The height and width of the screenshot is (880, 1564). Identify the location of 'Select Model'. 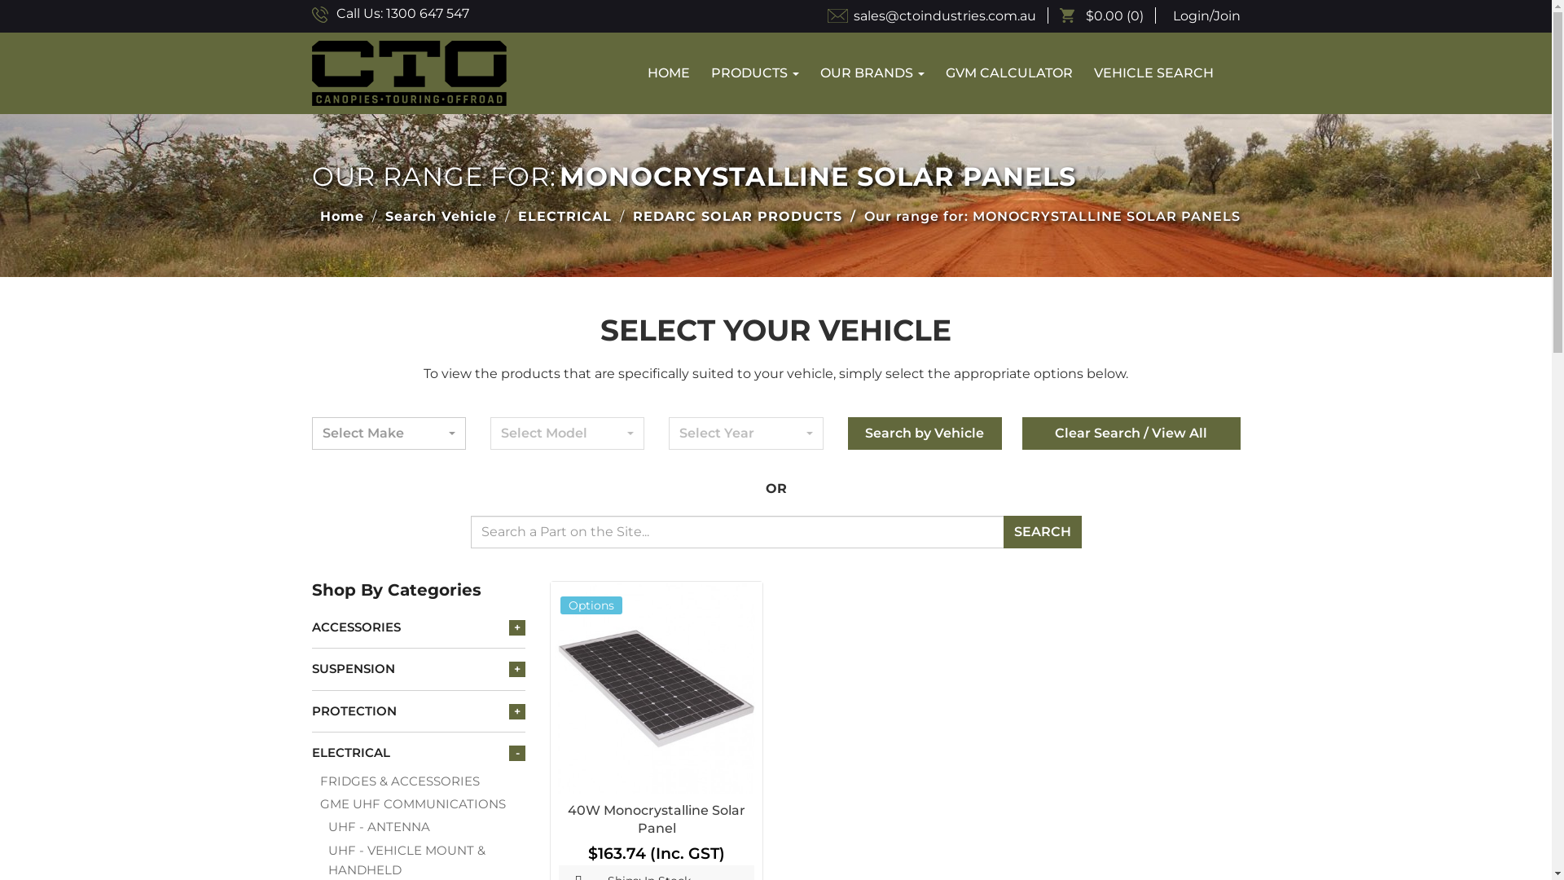
(567, 433).